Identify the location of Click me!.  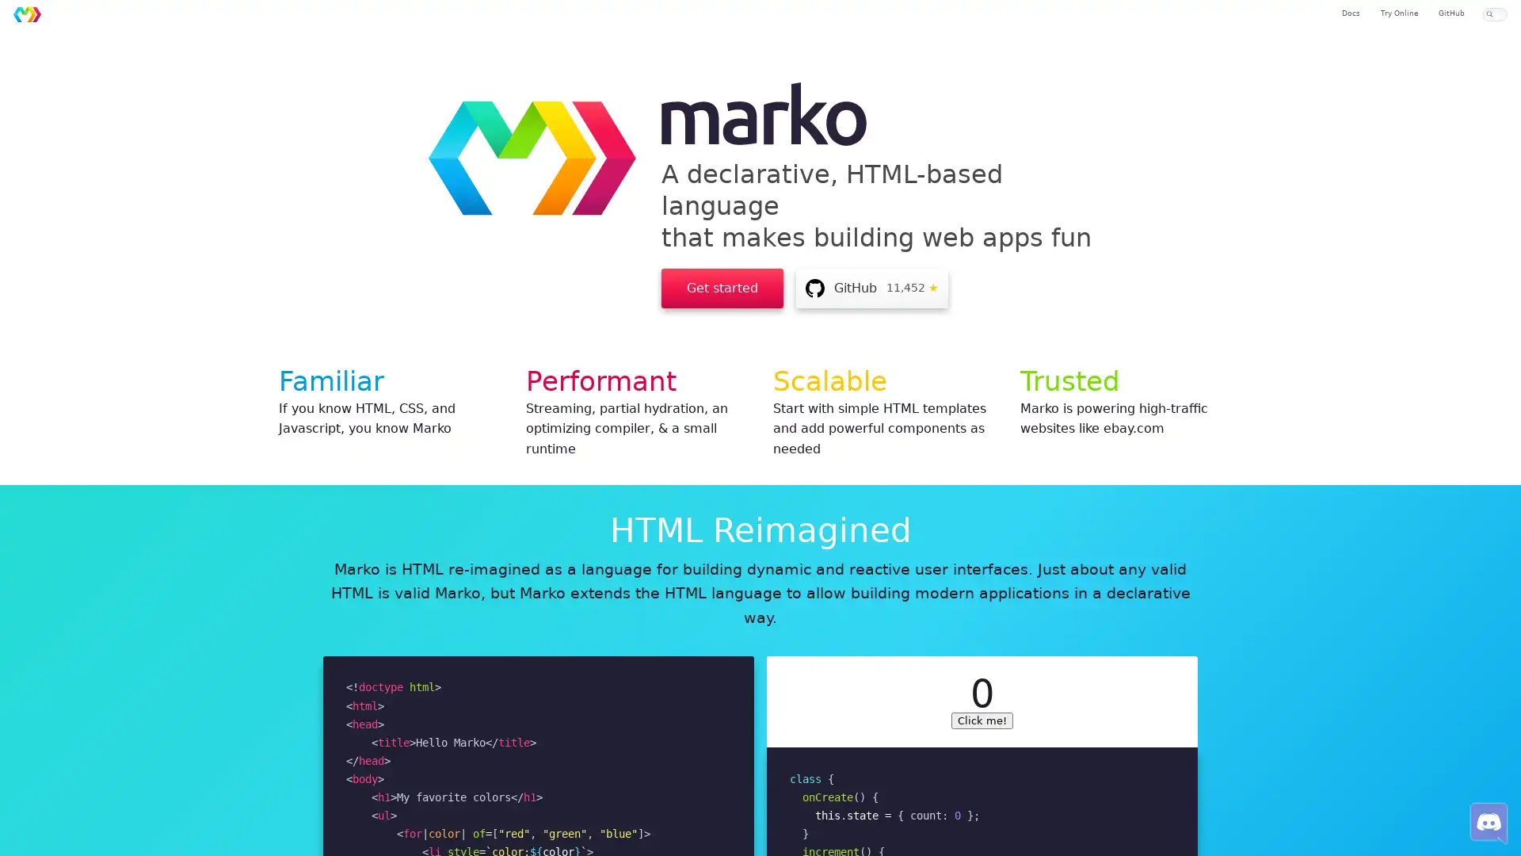
(981, 720).